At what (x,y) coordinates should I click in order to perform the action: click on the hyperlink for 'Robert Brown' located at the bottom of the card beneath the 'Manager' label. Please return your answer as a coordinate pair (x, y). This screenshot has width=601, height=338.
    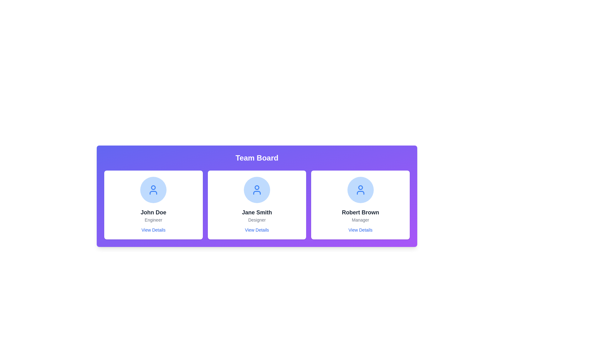
    Looking at the image, I should click on (360, 230).